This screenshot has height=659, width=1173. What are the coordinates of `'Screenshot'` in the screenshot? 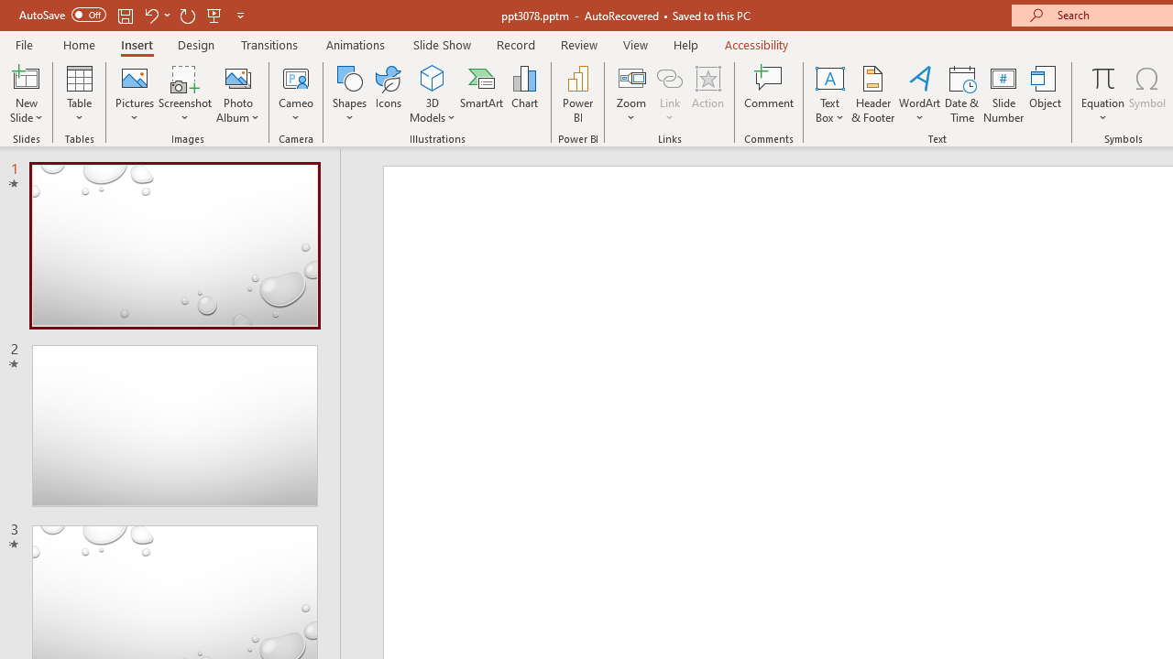 It's located at (185, 94).